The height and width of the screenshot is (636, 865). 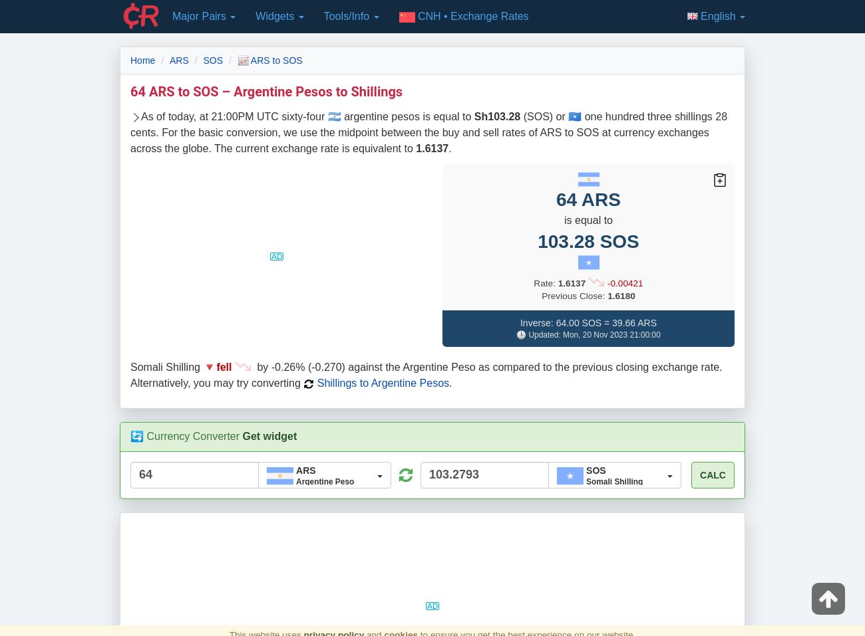 What do you see at coordinates (429, 132) in the screenshot?
I see `'(SOS) or 🇸🇴 one hundred three shillings 28 cents. For the basic conversion, we use the midpoint between the buy and sell rates of ARS to SOS at currency exchanges across the globe. The current exchange rate is equivalent to'` at bounding box center [429, 132].